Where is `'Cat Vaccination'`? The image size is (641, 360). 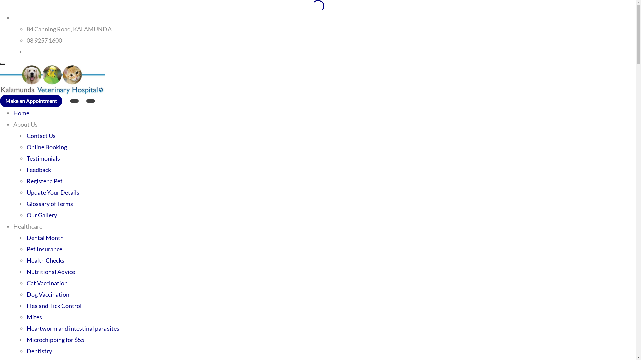
'Cat Vaccination' is located at coordinates (47, 283).